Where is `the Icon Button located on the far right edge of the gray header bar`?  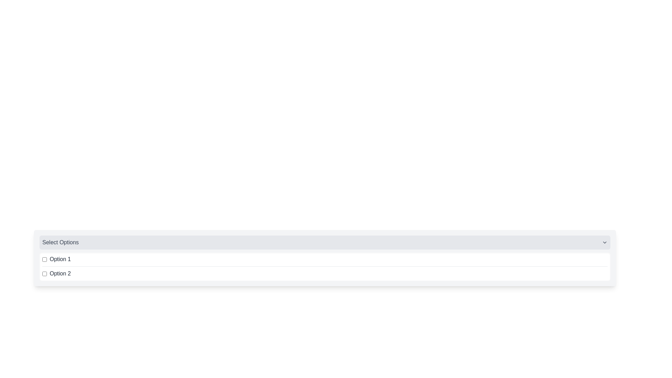
the Icon Button located on the far right edge of the gray header bar is located at coordinates (604, 242).